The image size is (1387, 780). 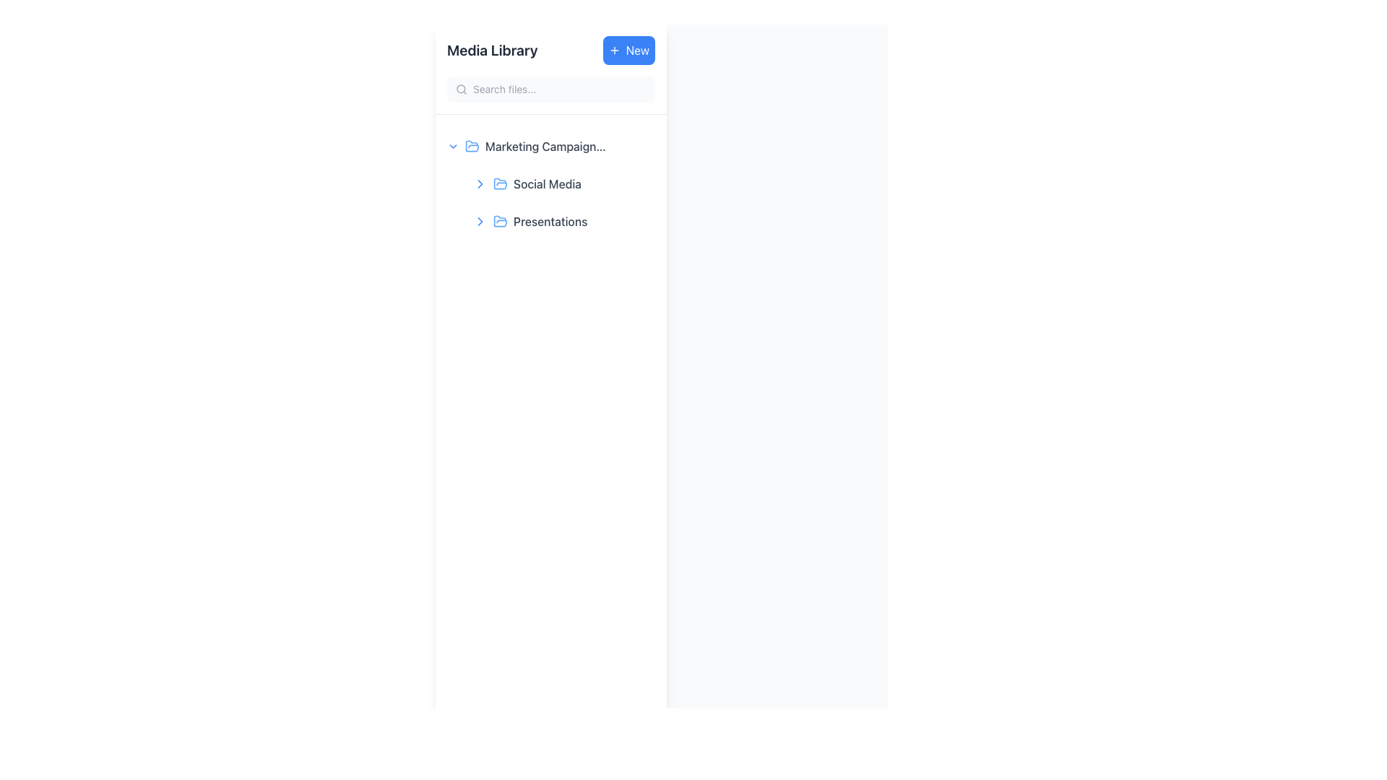 I want to click on the 'Social Media' label in the navigational list under 'Marketing Campaign 2024', so click(x=550, y=183).